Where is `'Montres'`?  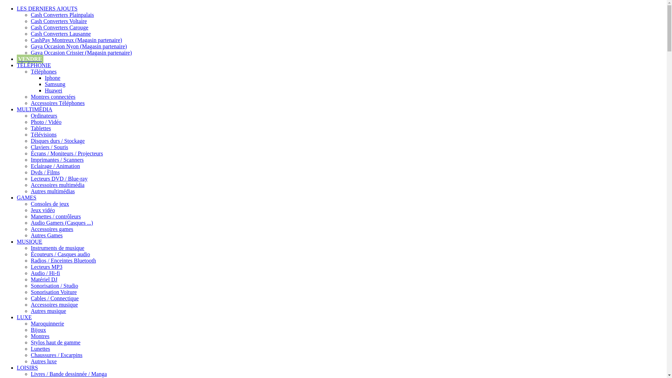
'Montres' is located at coordinates (40, 336).